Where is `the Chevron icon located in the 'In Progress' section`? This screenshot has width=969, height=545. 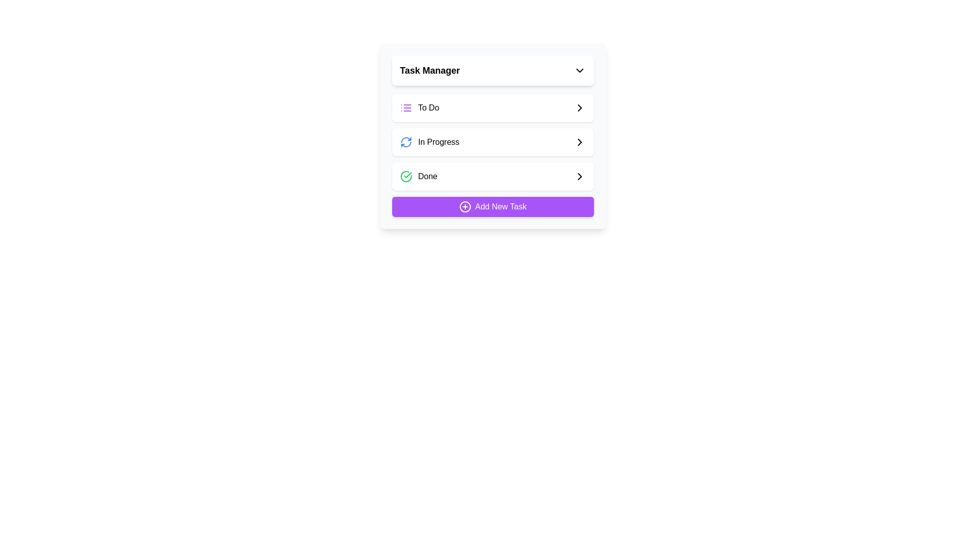 the Chevron icon located in the 'In Progress' section is located at coordinates (579, 142).